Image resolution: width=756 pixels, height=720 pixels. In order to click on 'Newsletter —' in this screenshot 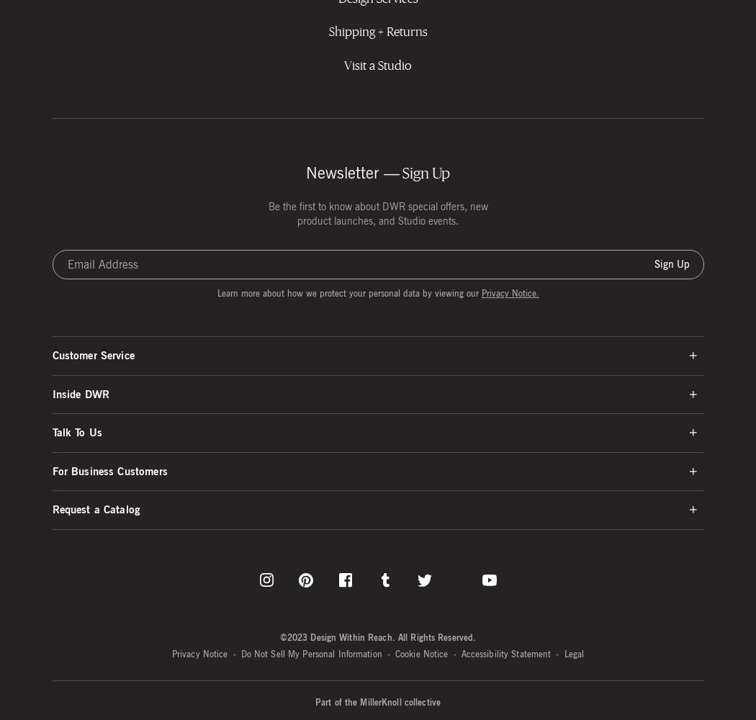, I will do `click(352, 172)`.